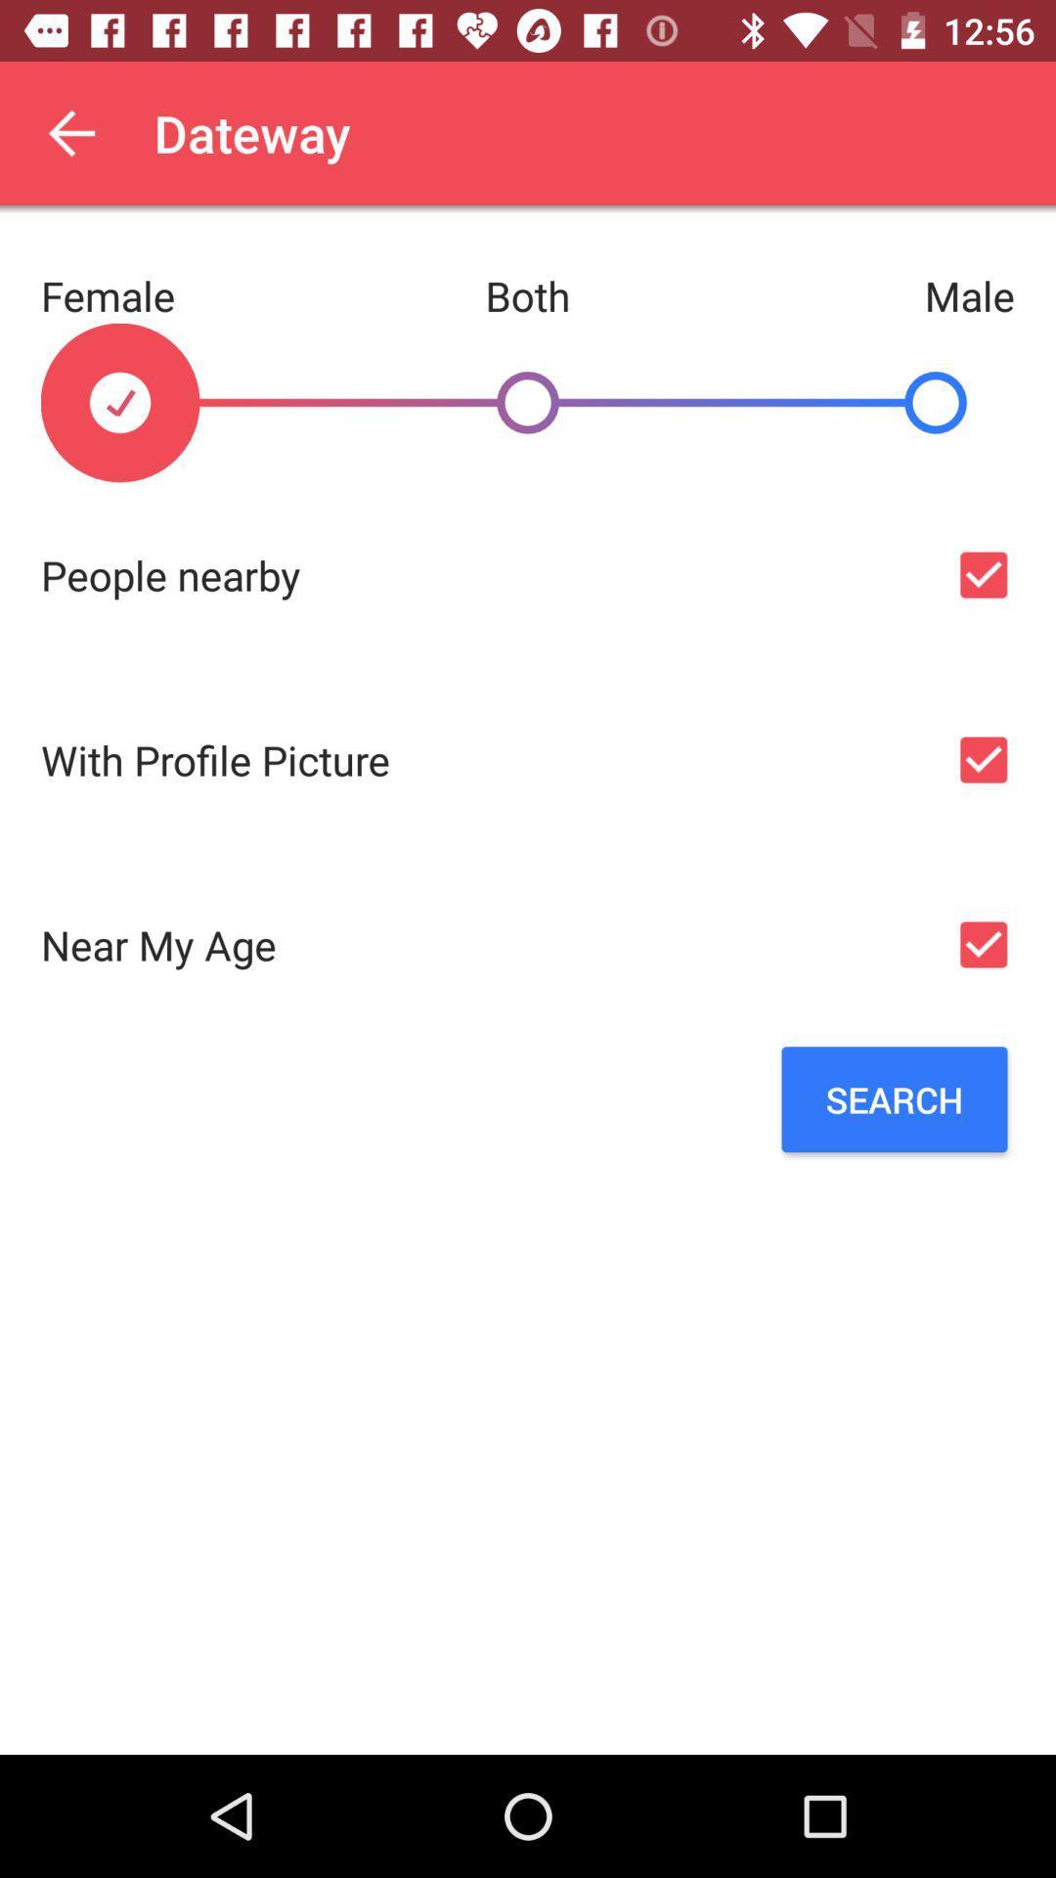 This screenshot has width=1056, height=1878. What do you see at coordinates (70, 132) in the screenshot?
I see `the item next to the dateway app` at bounding box center [70, 132].